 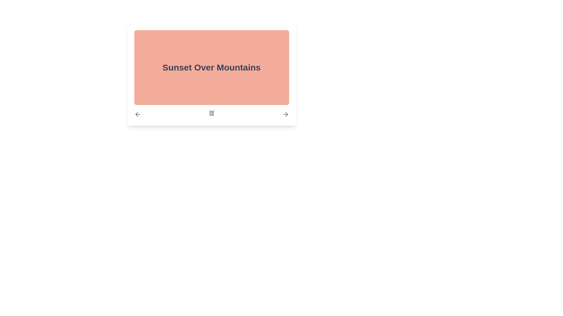 What do you see at coordinates (211, 114) in the screenshot?
I see `the twin-shaped pause button icon located centrally beneath the 'Sunset Over Mountains' text` at bounding box center [211, 114].